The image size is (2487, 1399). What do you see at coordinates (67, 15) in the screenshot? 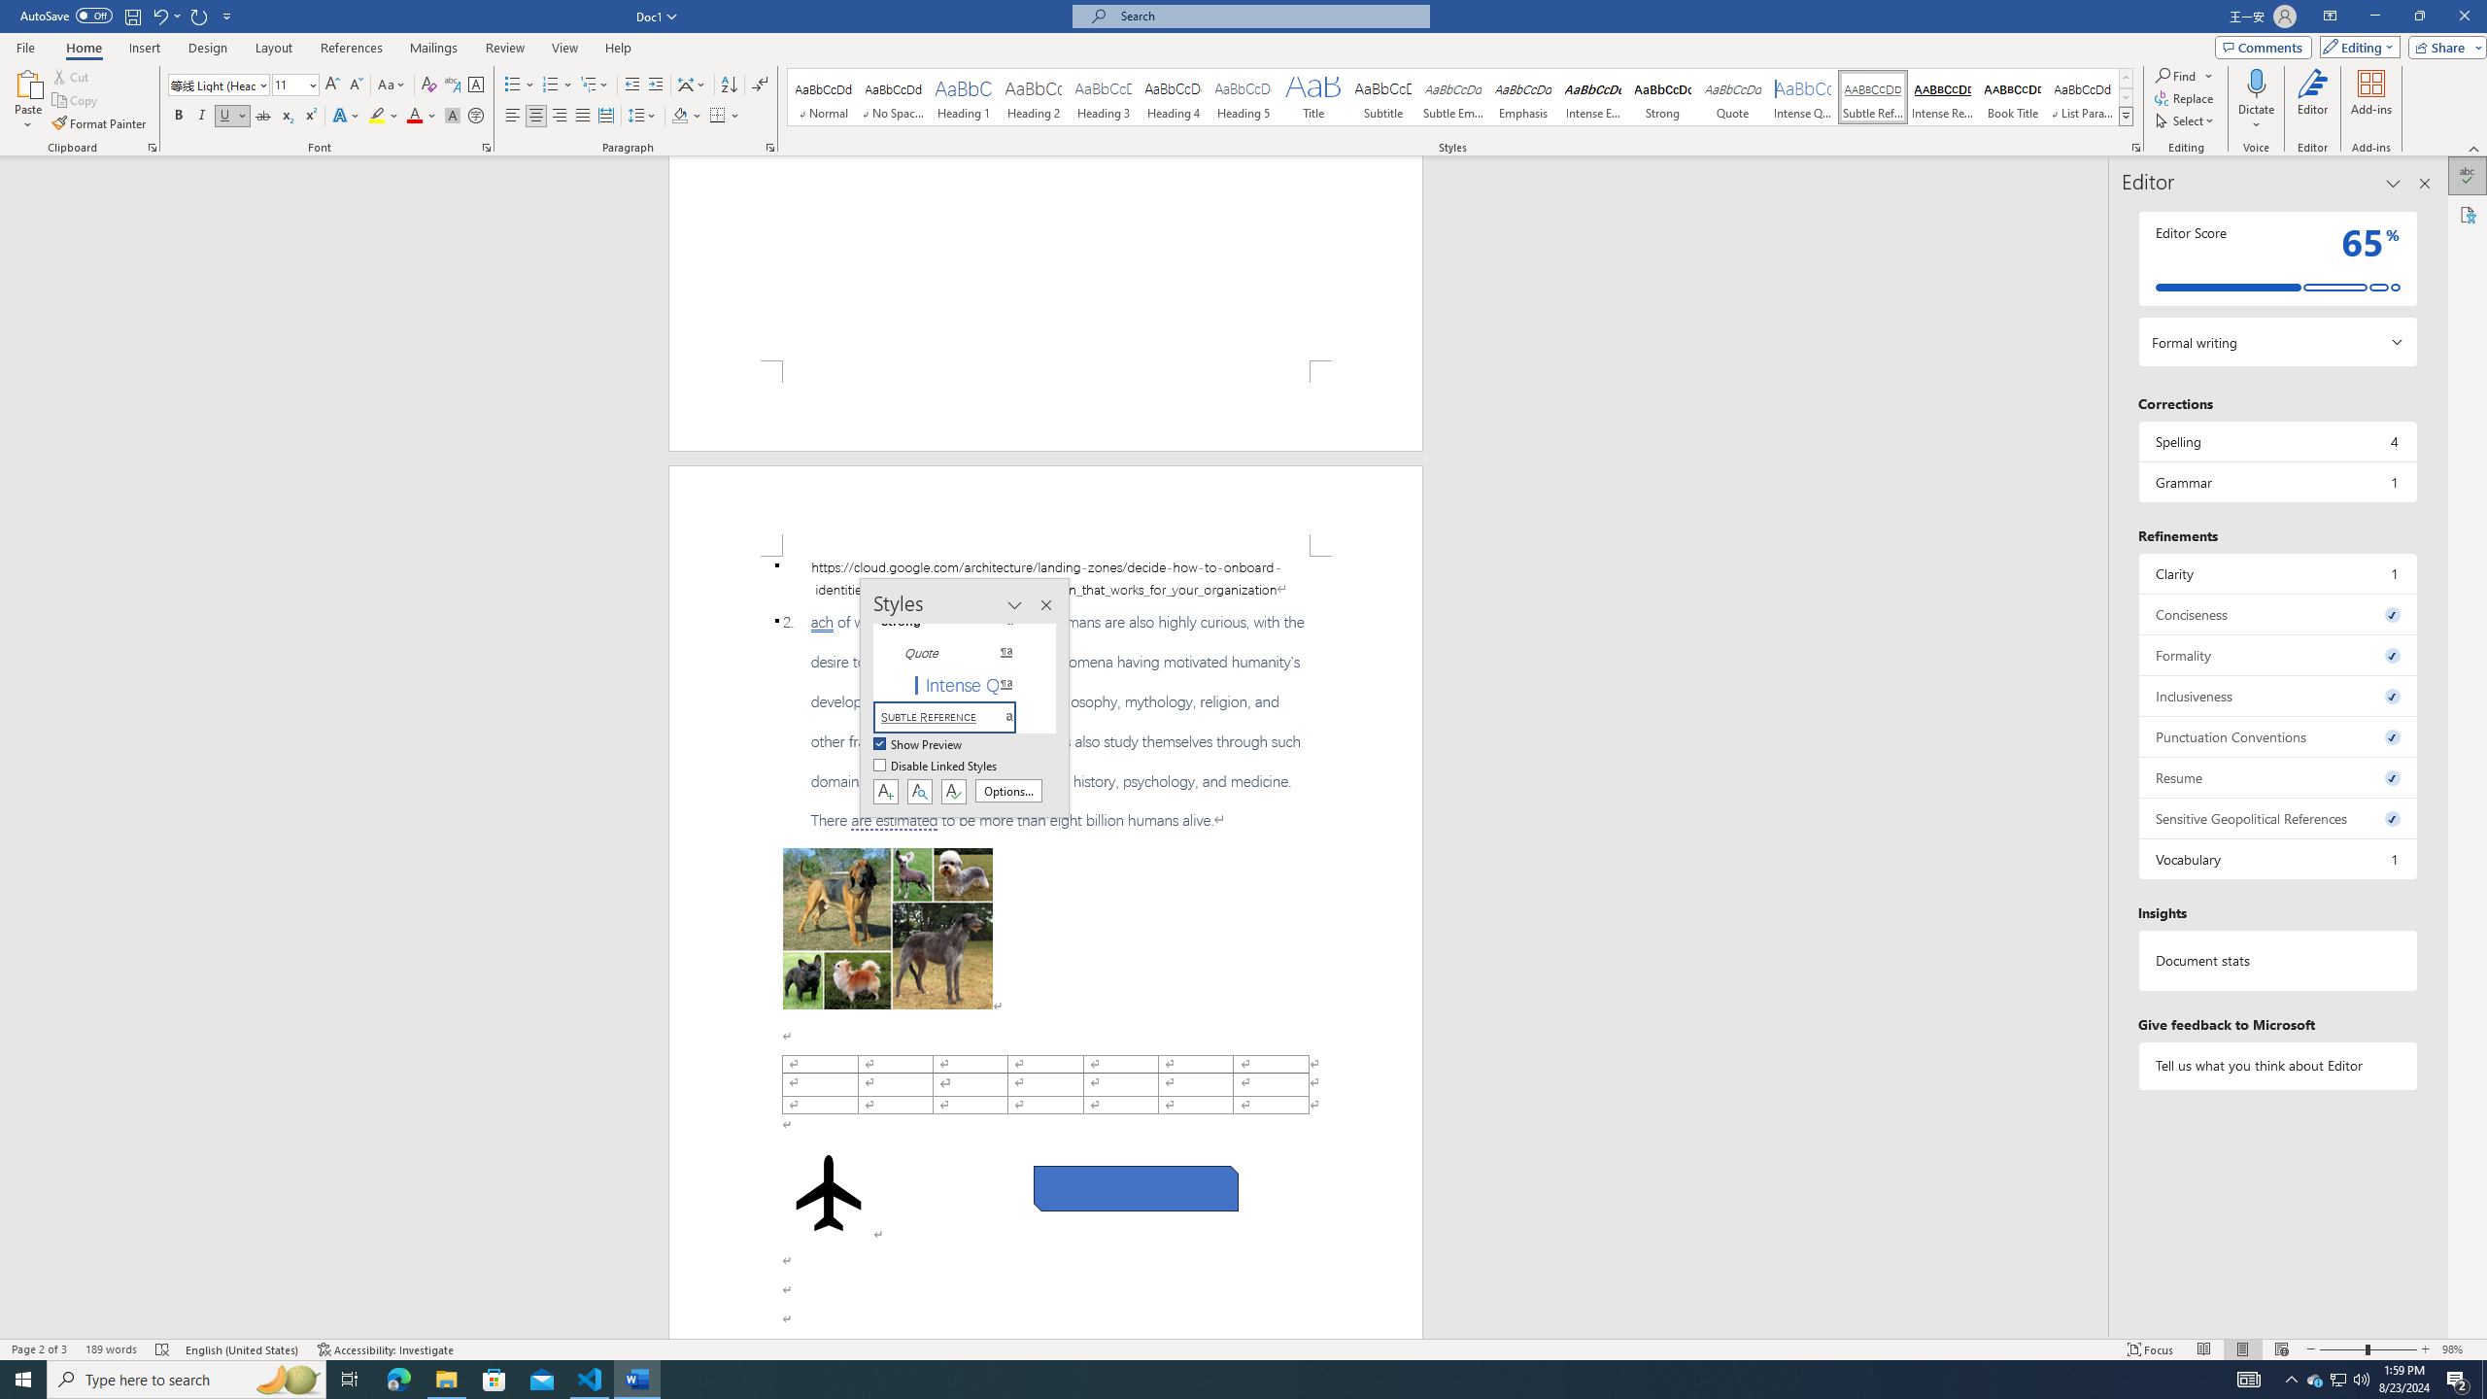
I see `'AutoSave'` at bounding box center [67, 15].